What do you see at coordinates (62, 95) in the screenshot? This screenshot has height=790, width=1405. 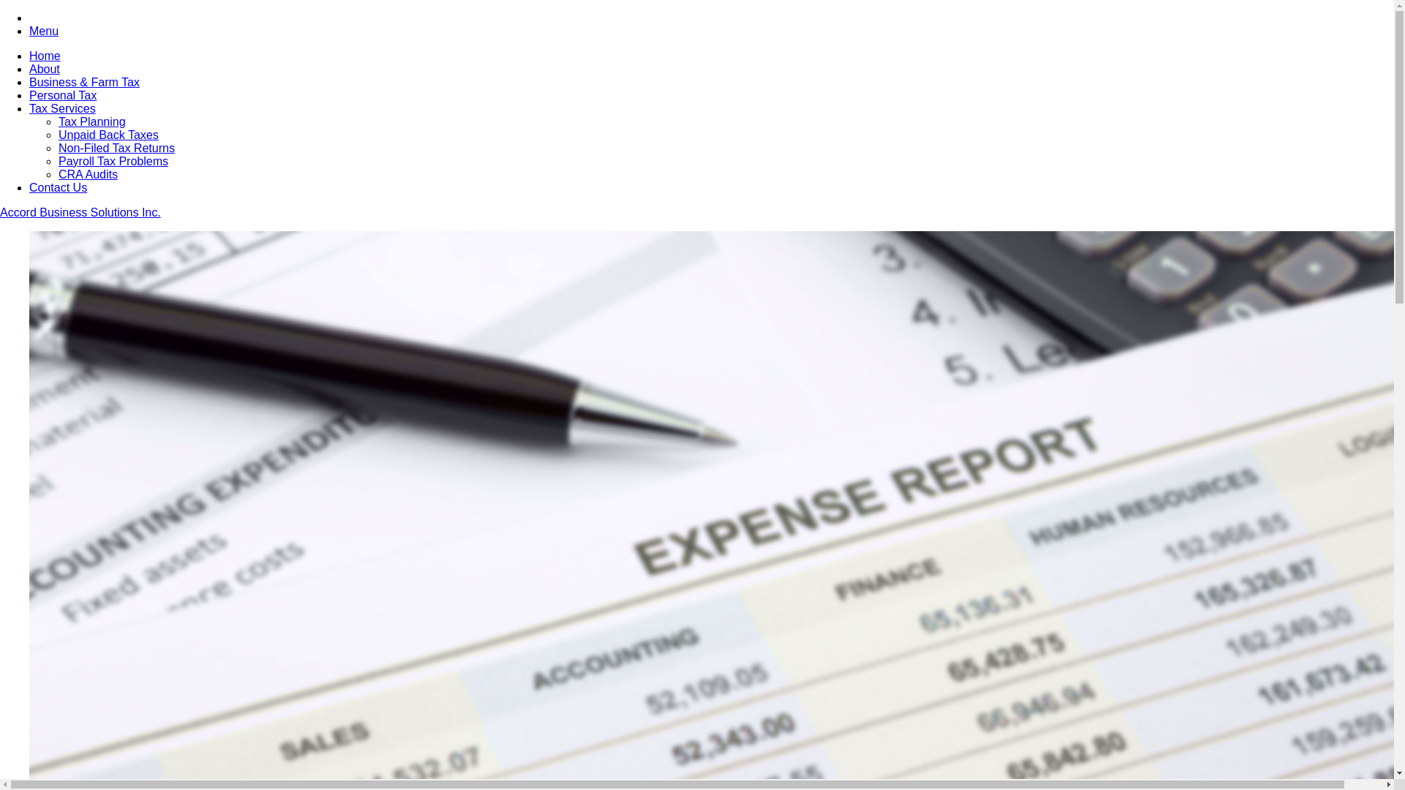 I see `'Personal Tax'` at bounding box center [62, 95].